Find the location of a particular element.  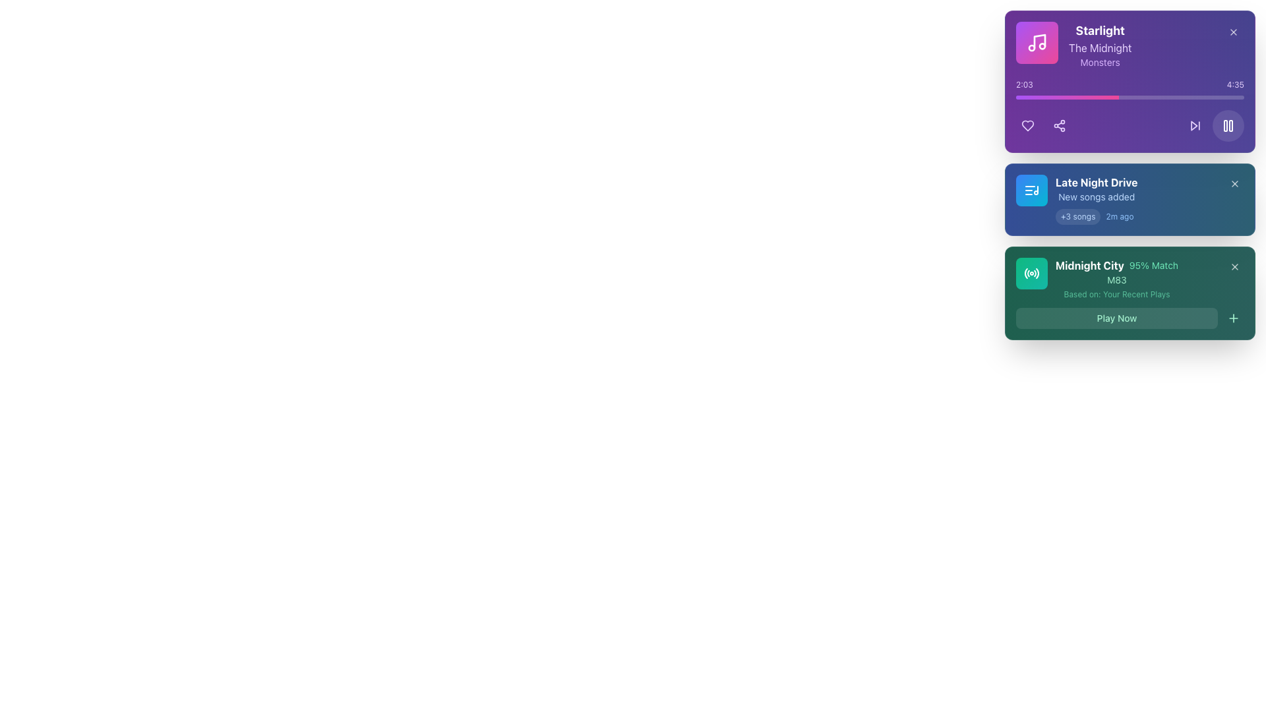

the rectangular button labeled '+3 songs' with a semi-transparent blue background located in the notification block for 'Late Night Drive' is located at coordinates (1078, 216).